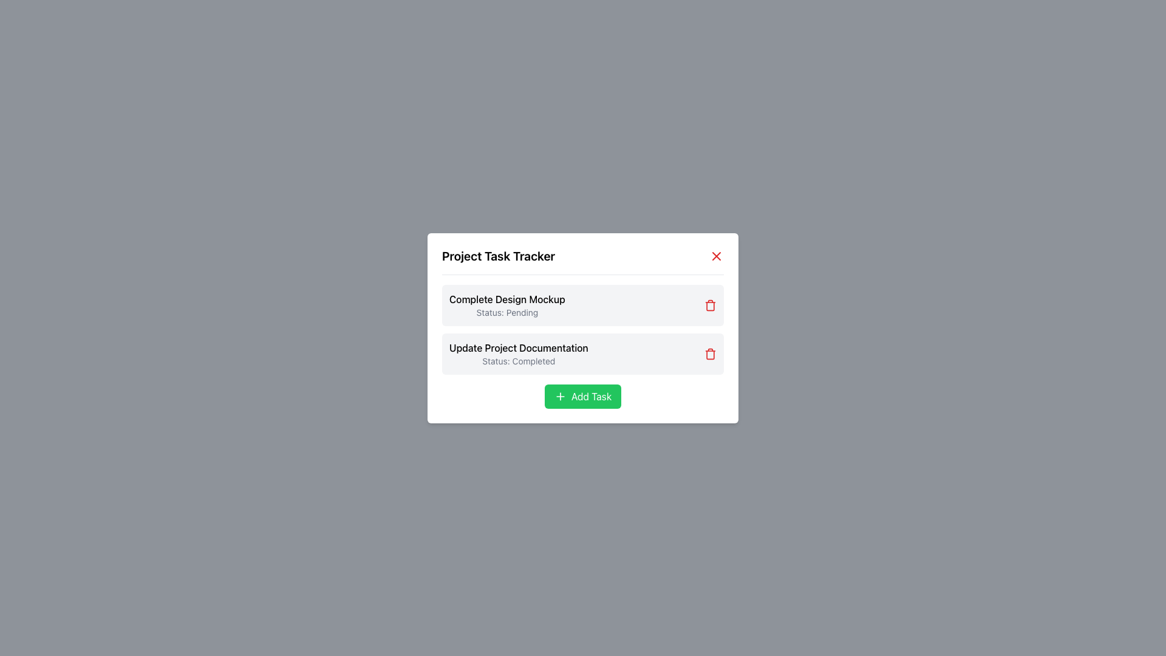 The height and width of the screenshot is (656, 1166). What do you see at coordinates (559, 396) in the screenshot?
I see `the '+' icon within the green 'Add Task' button located at the lower center of the 'Project Task Tracker' dialog interface` at bounding box center [559, 396].